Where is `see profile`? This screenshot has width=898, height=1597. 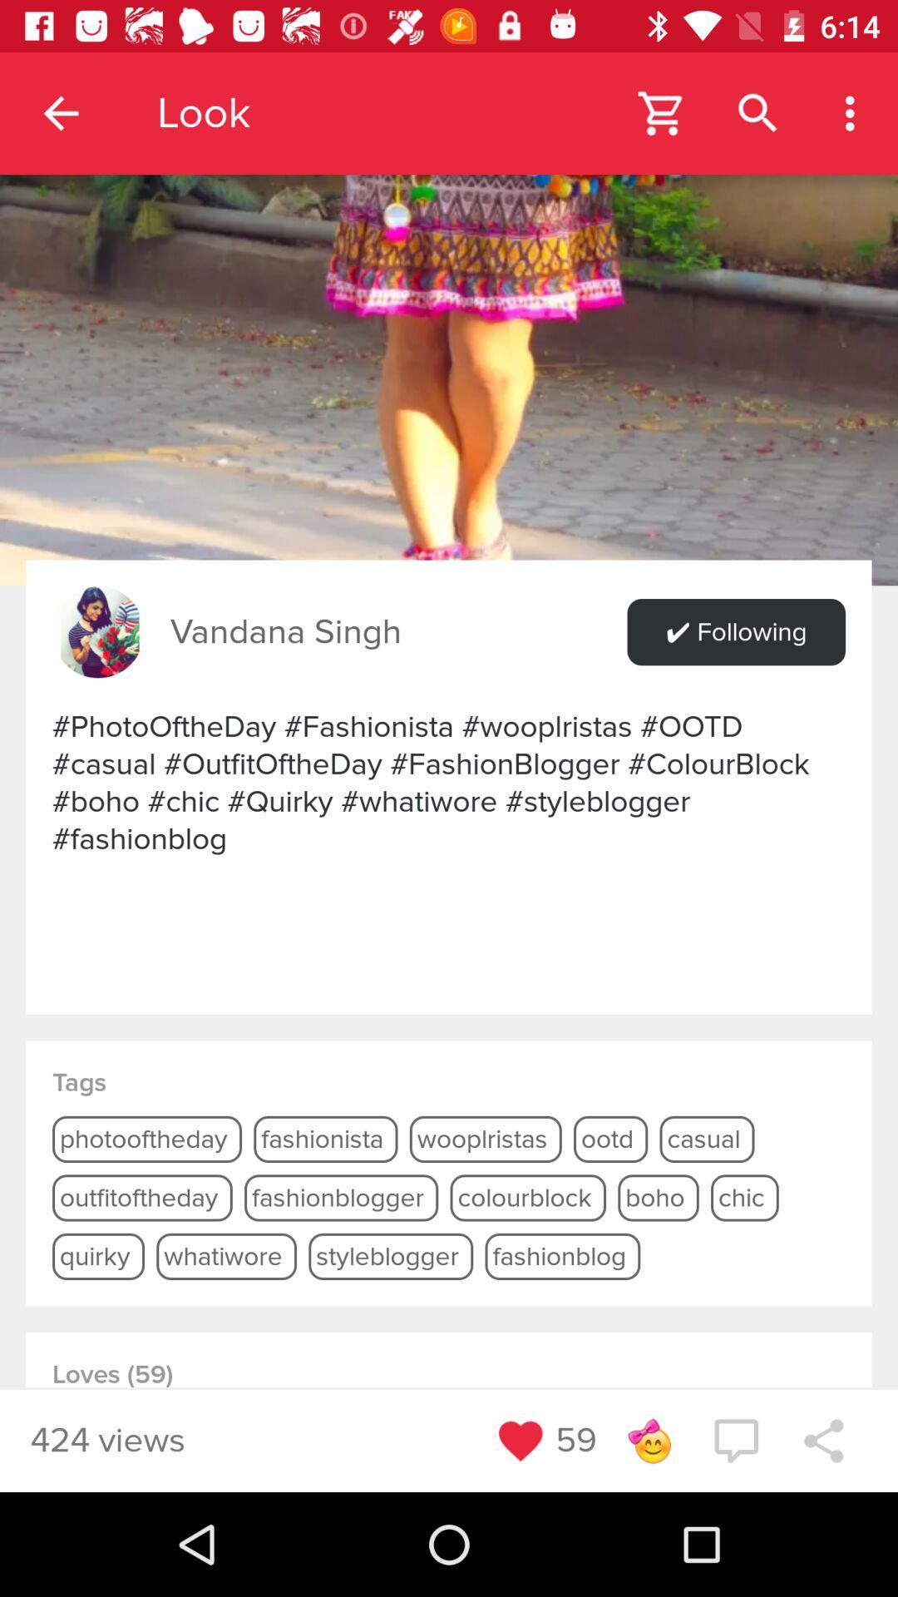
see profile is located at coordinates (98, 631).